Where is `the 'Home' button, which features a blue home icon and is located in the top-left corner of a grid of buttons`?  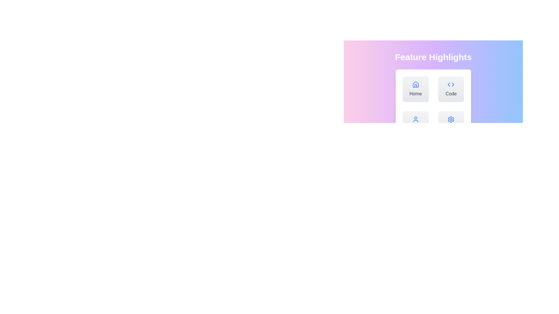 the 'Home' button, which features a blue home icon and is located in the top-left corner of a grid of buttons is located at coordinates (415, 89).